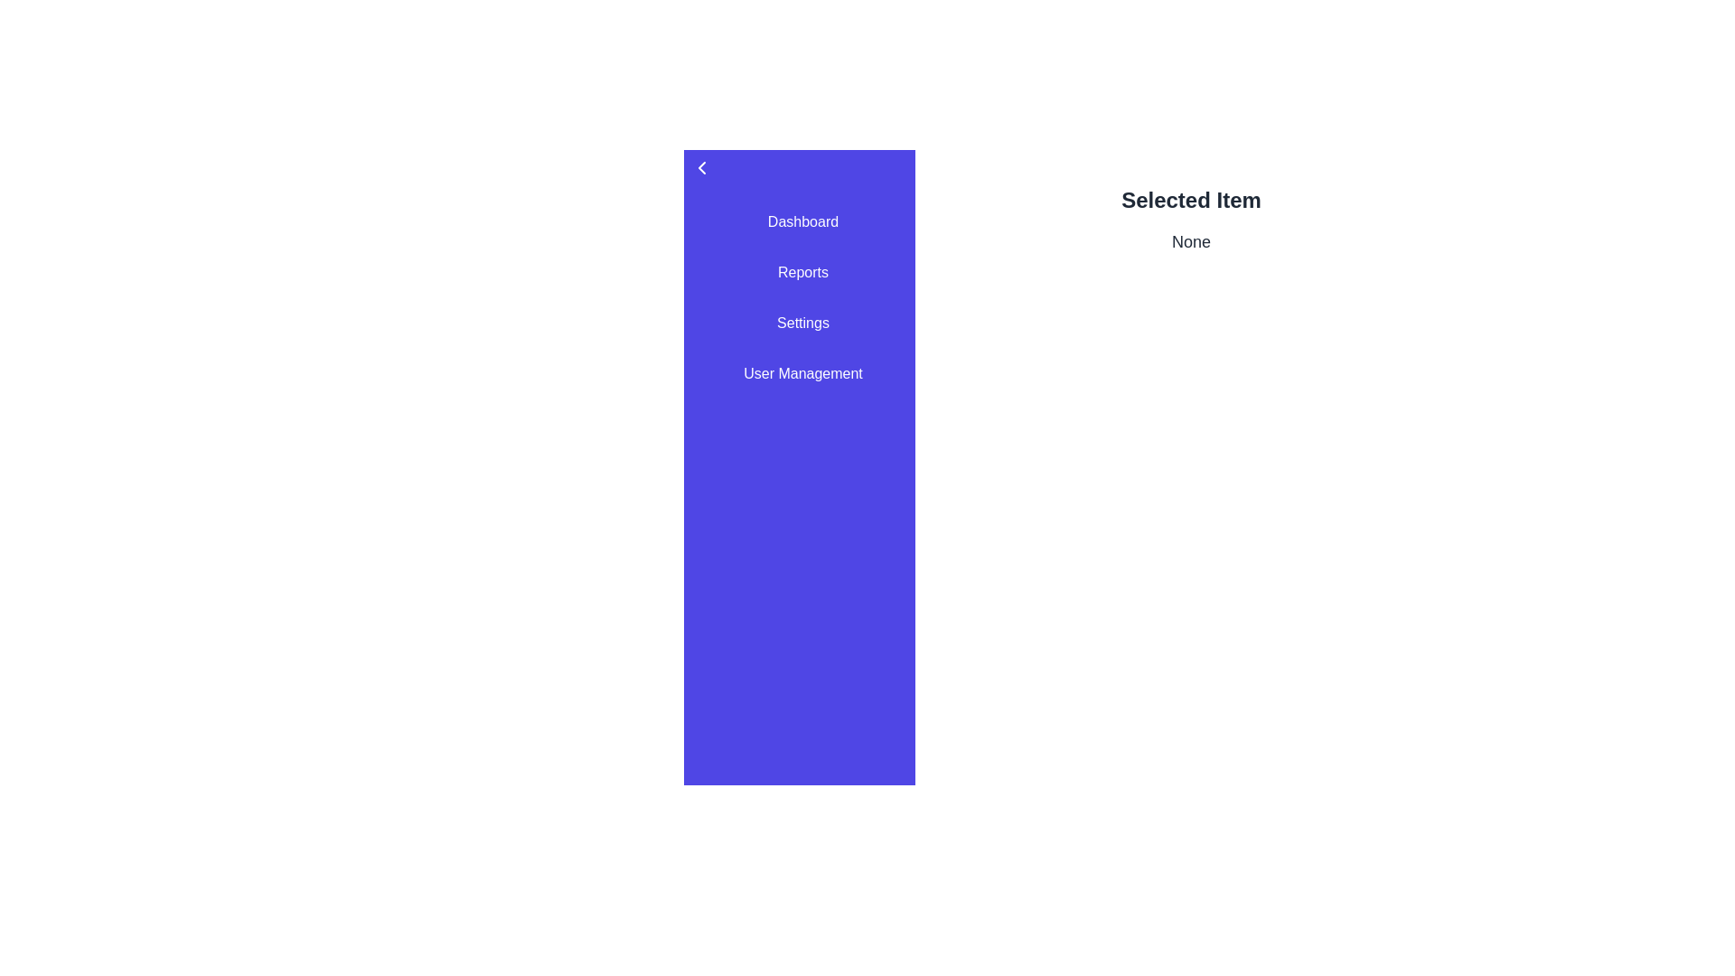 The width and height of the screenshot is (1735, 976). Describe the element at coordinates (1191, 240) in the screenshot. I see `the text label displaying the word 'None', which is centered below the header text 'Selected Item' in a dark color on a light background` at that location.